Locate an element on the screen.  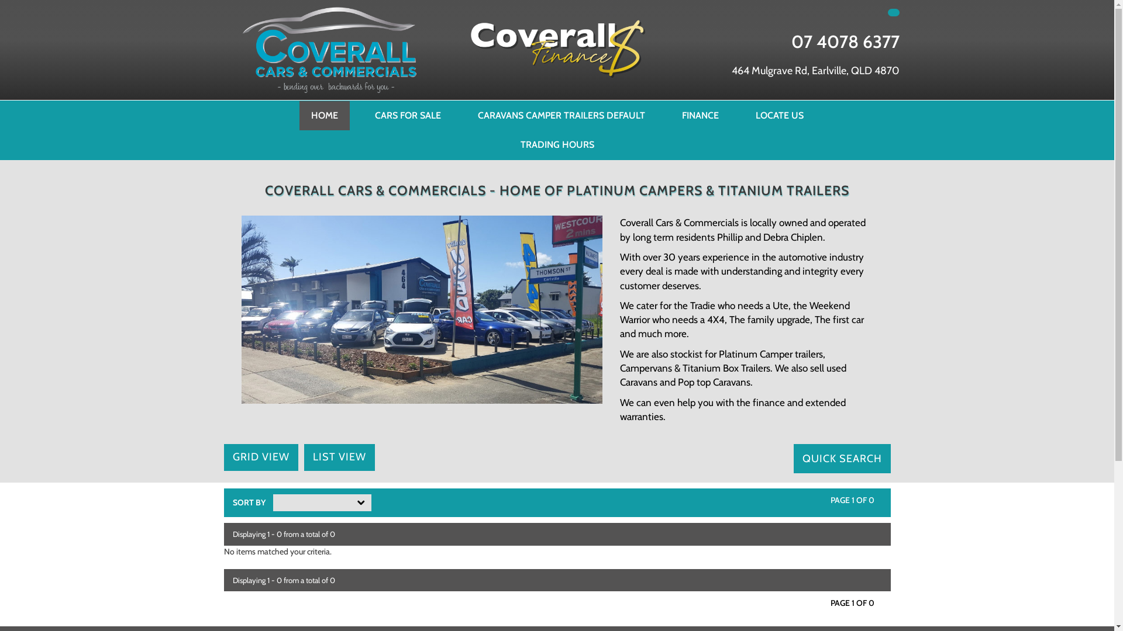
'CARS FOR SALE' is located at coordinates (407, 115).